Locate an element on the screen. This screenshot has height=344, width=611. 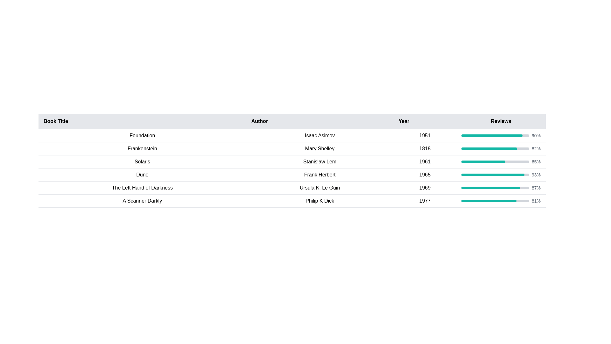
the fifth row in the table displaying the book title 'The Left Hand of Darkness', authored by 'Ursula K. Le Guin' is located at coordinates (291, 188).